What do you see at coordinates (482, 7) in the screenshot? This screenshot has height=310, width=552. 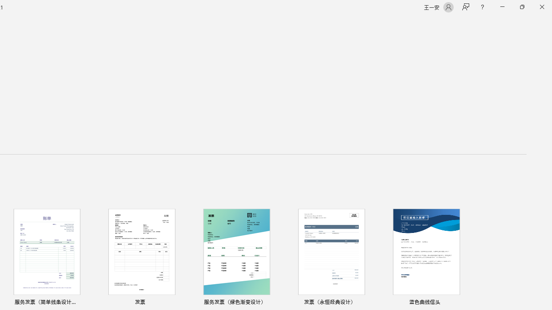 I see `'Help'` at bounding box center [482, 7].